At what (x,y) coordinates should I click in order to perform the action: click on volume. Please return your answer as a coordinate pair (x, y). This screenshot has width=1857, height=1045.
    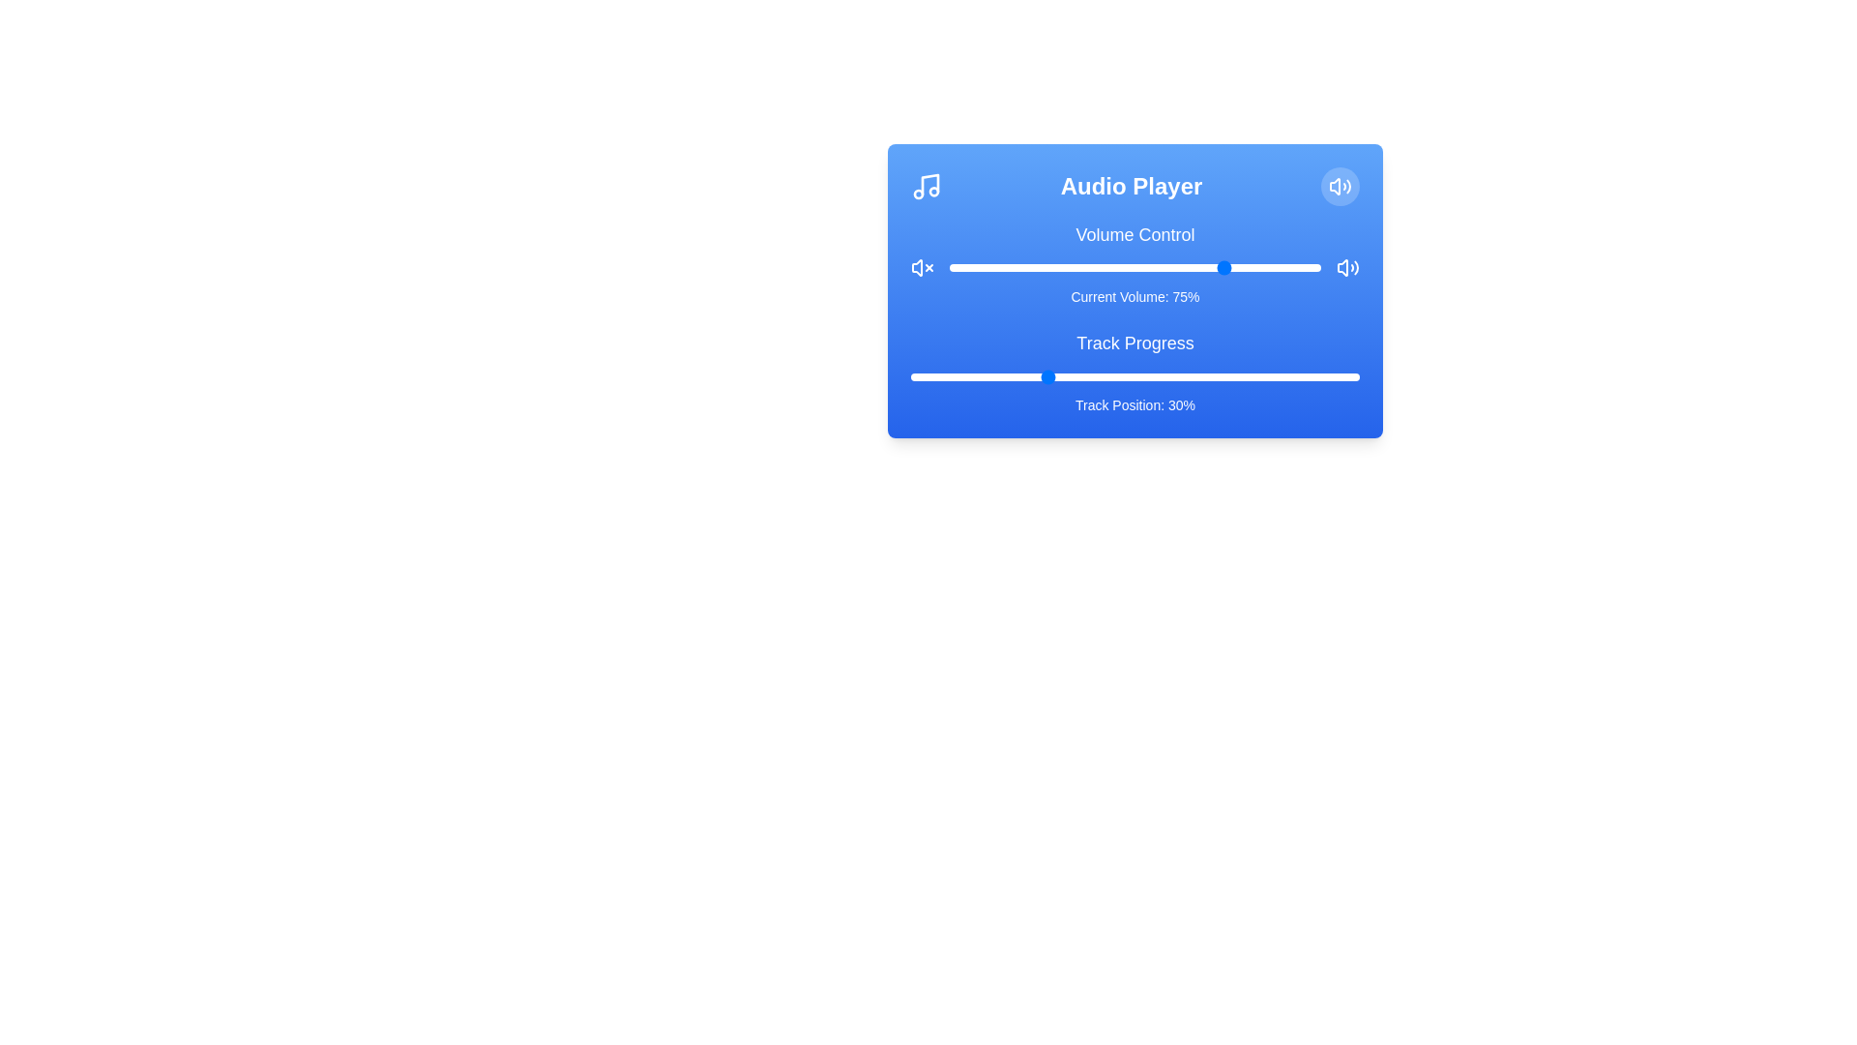
    Looking at the image, I should click on (1239, 268).